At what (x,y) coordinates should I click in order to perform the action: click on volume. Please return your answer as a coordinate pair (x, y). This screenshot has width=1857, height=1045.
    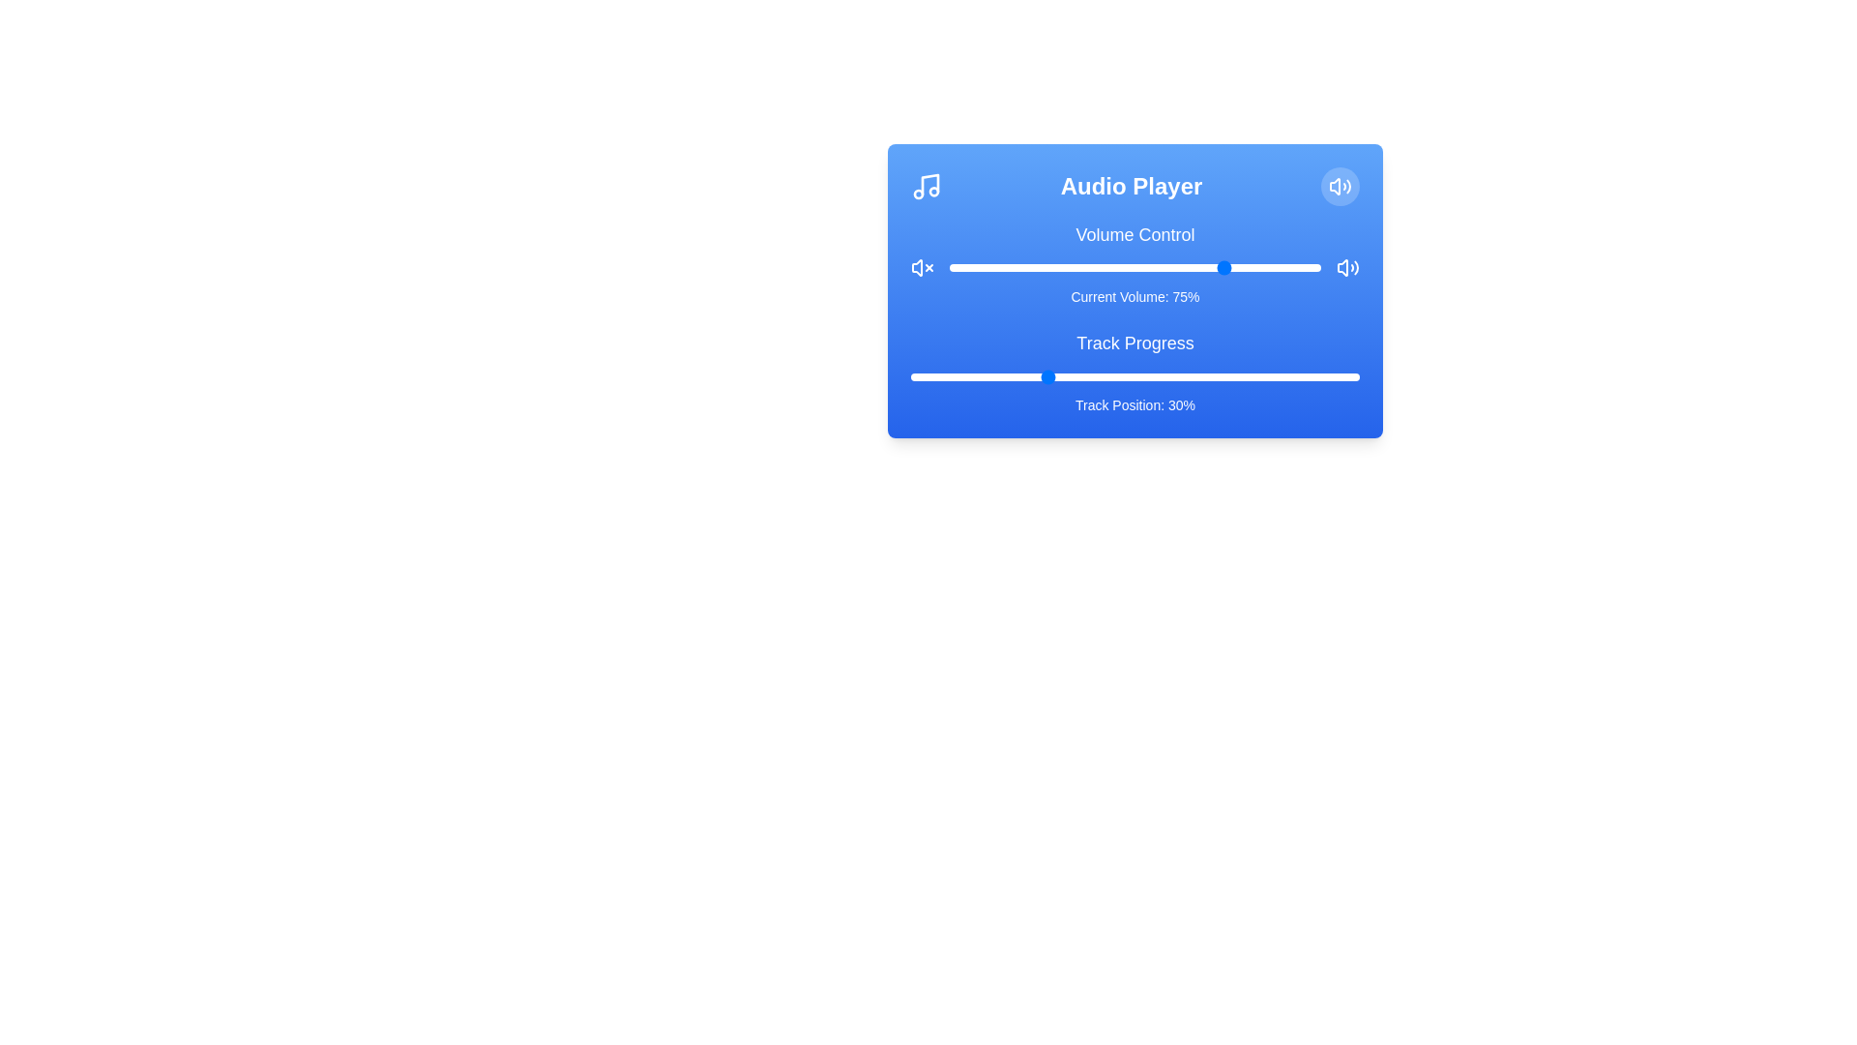
    Looking at the image, I should click on (1239, 268).